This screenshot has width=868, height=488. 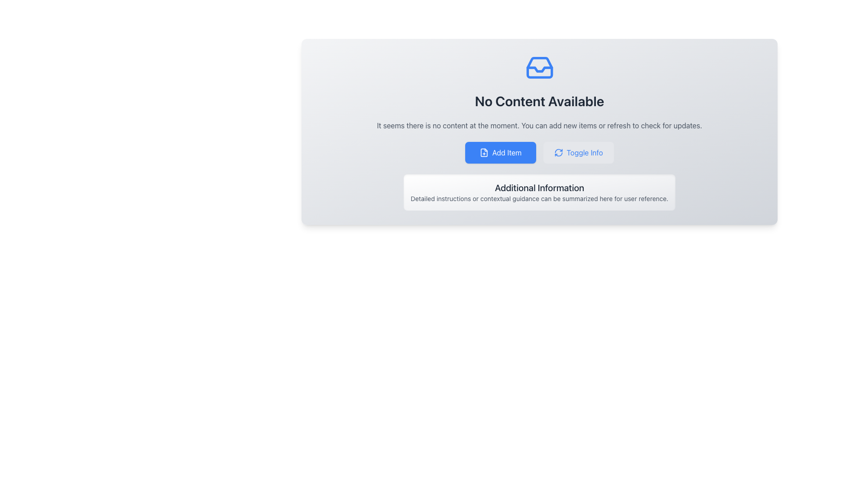 What do you see at coordinates (558, 152) in the screenshot?
I see `the toggle or refresh icon located to the left of the 'Toggle Info' text within the button component` at bounding box center [558, 152].